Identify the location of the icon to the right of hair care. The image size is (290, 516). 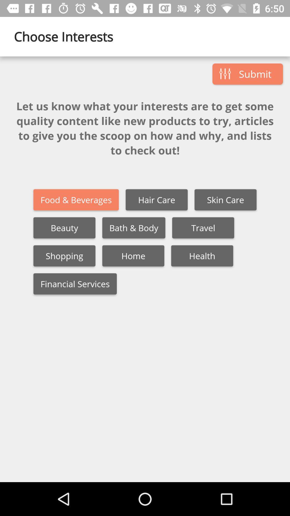
(226, 199).